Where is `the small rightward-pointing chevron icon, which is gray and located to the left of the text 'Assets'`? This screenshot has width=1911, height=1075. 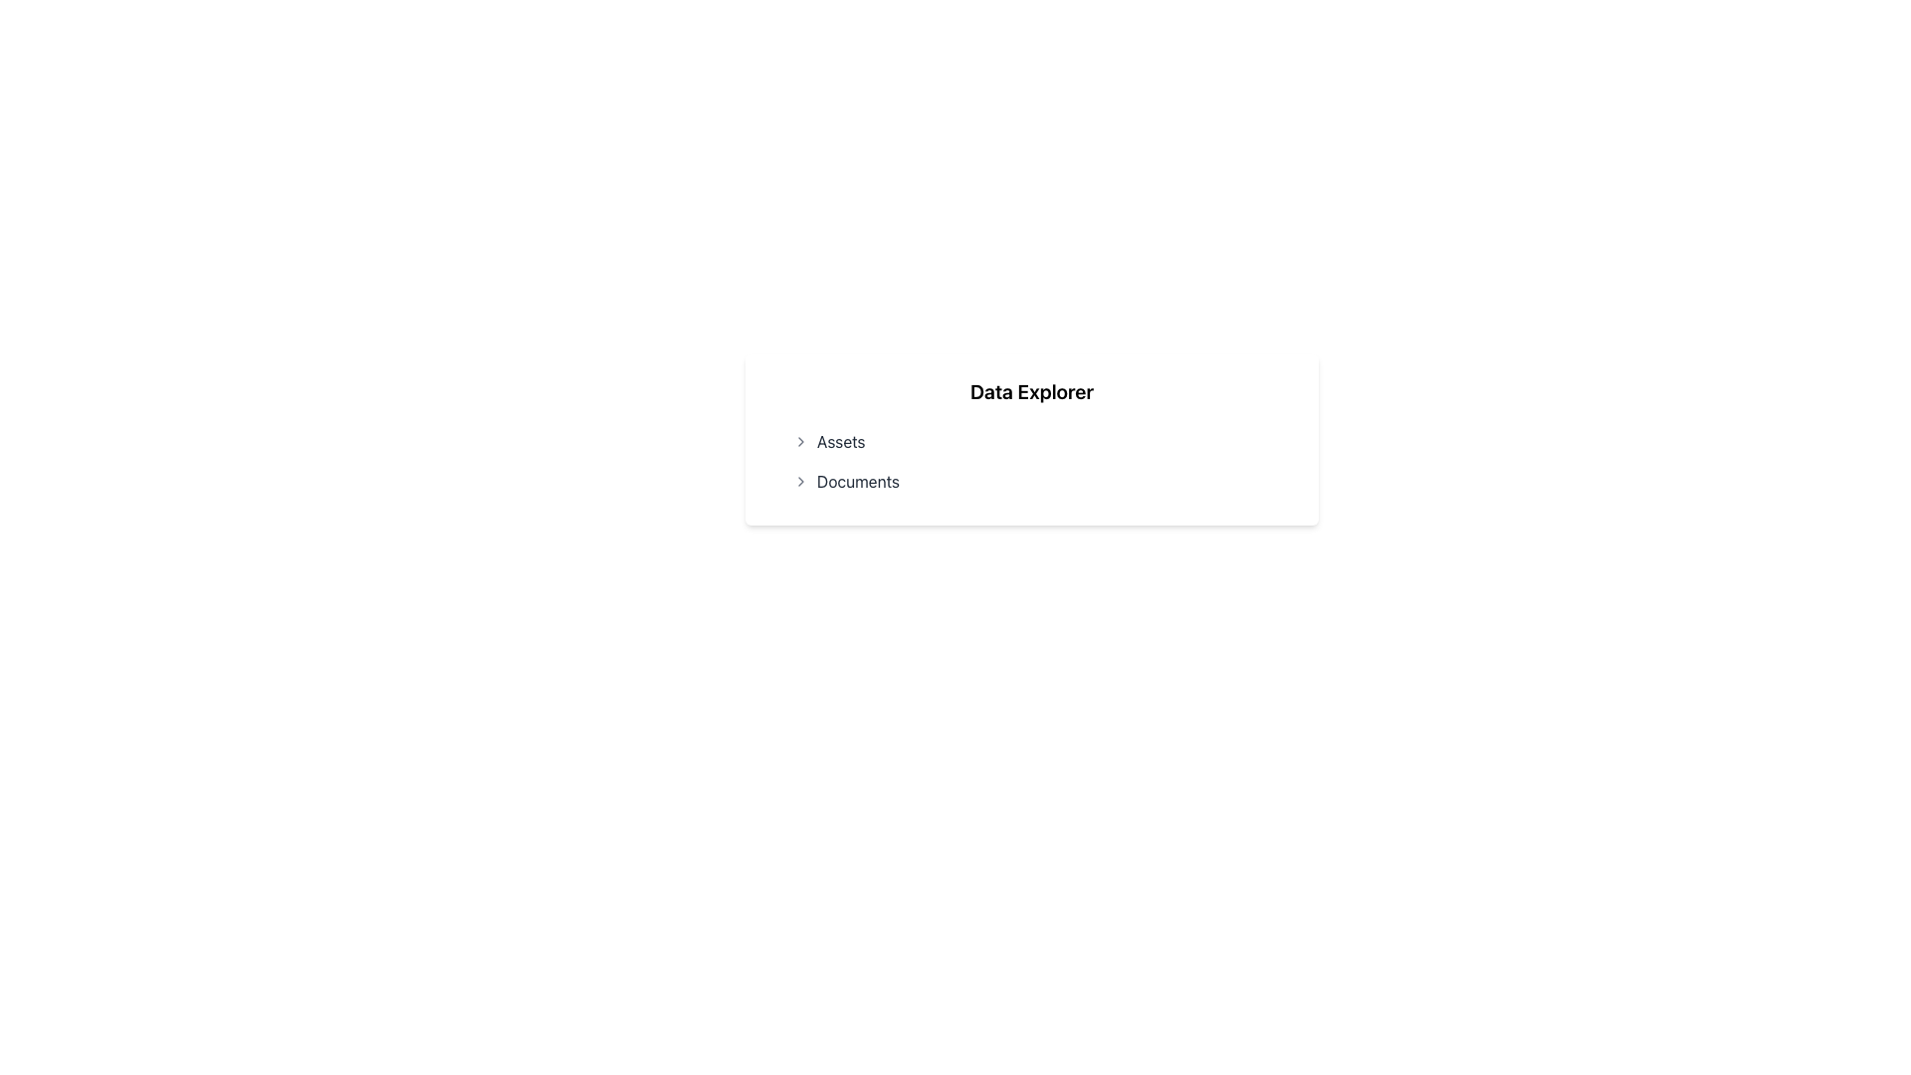
the small rightward-pointing chevron icon, which is gray and located to the left of the text 'Assets' is located at coordinates (801, 440).